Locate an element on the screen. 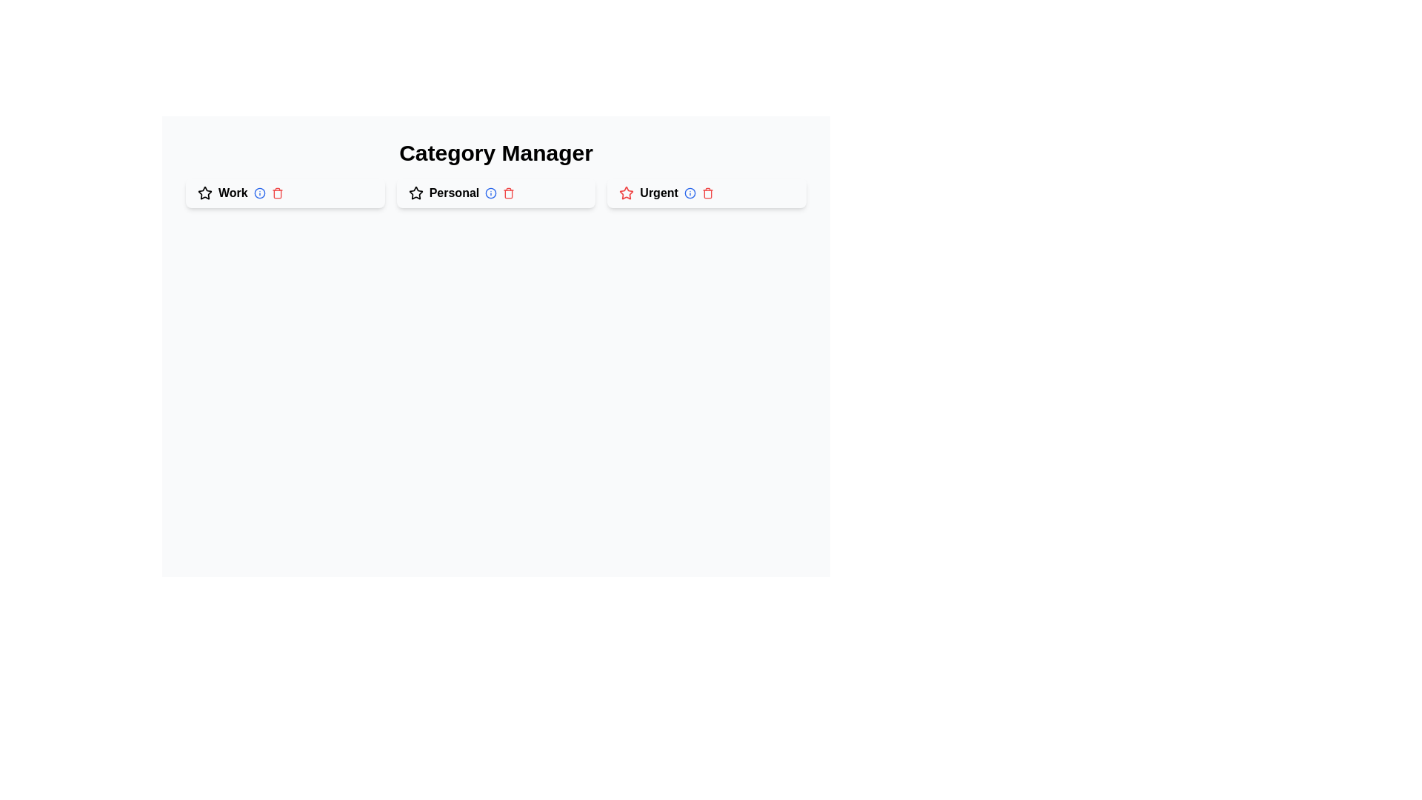  delete button for the category labeled Work is located at coordinates (277, 193).